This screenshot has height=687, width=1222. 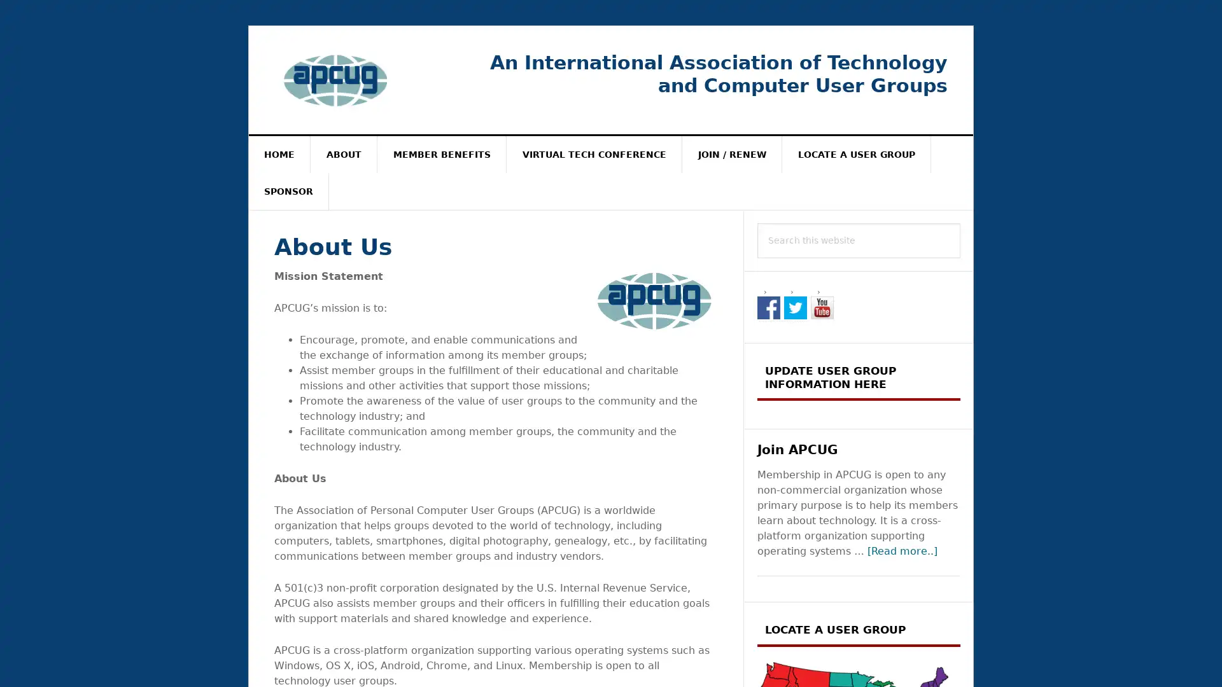 I want to click on Search, so click(x=960, y=222).